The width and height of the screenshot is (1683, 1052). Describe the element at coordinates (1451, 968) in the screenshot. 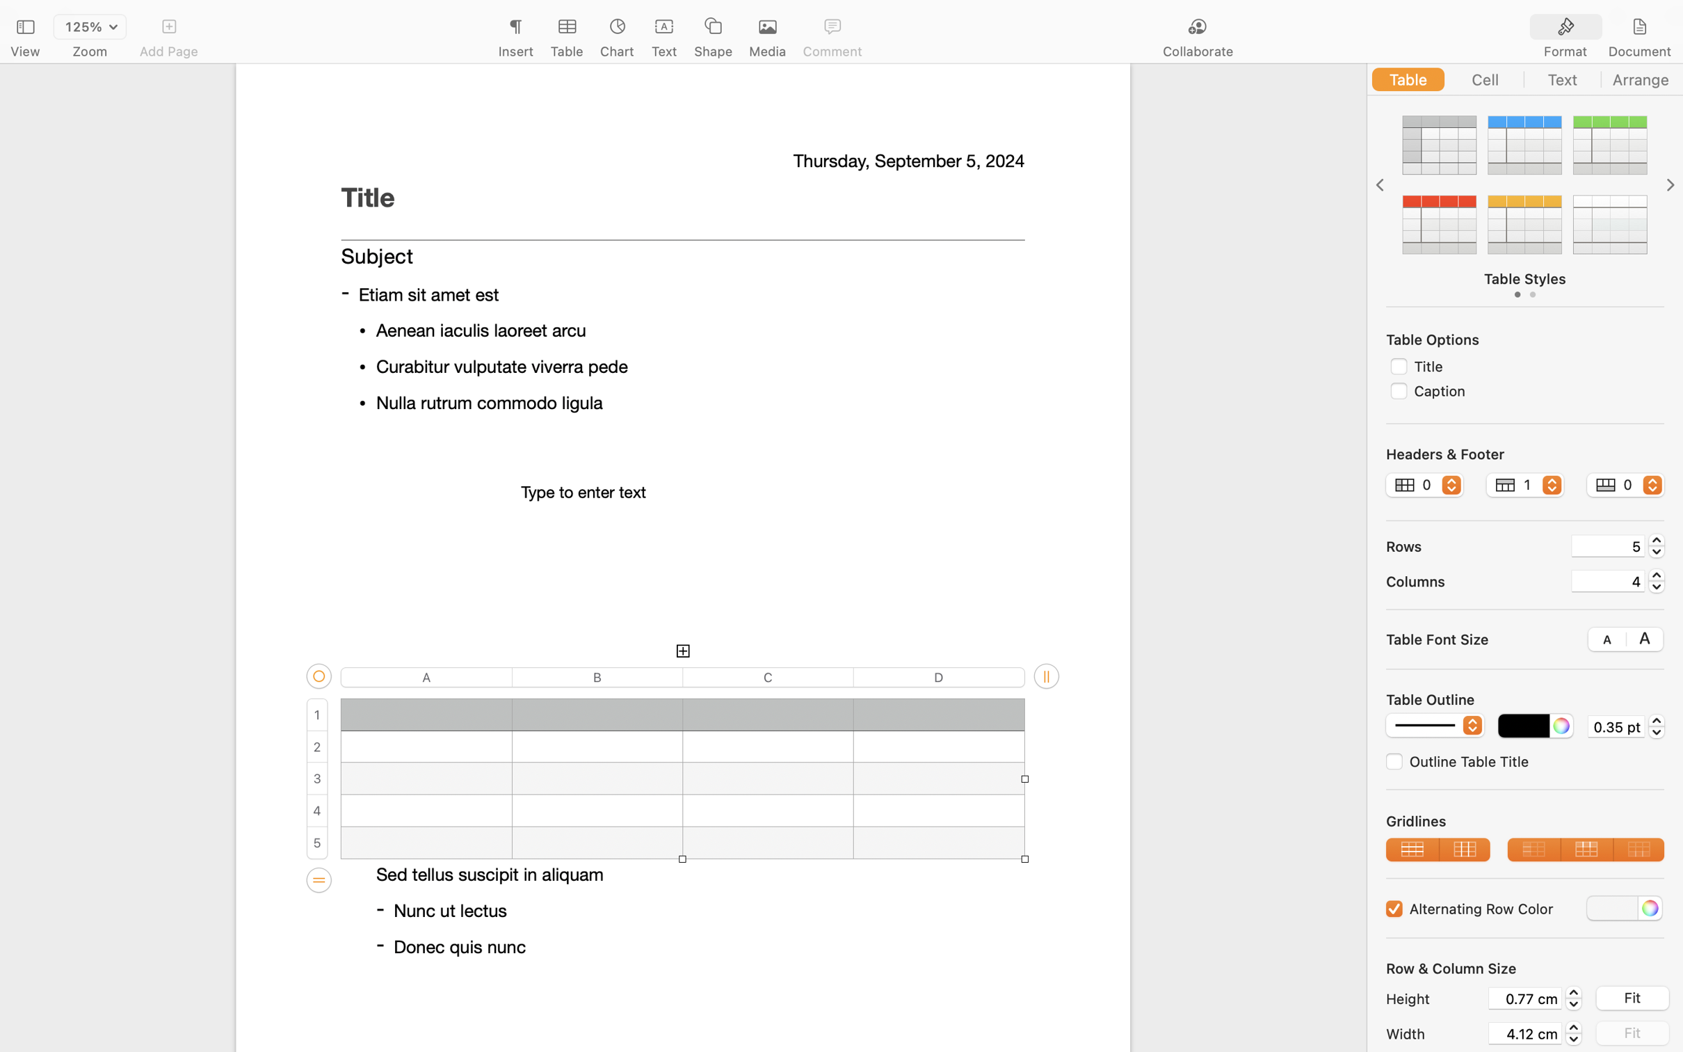

I see `'Row & Column Size'` at that location.